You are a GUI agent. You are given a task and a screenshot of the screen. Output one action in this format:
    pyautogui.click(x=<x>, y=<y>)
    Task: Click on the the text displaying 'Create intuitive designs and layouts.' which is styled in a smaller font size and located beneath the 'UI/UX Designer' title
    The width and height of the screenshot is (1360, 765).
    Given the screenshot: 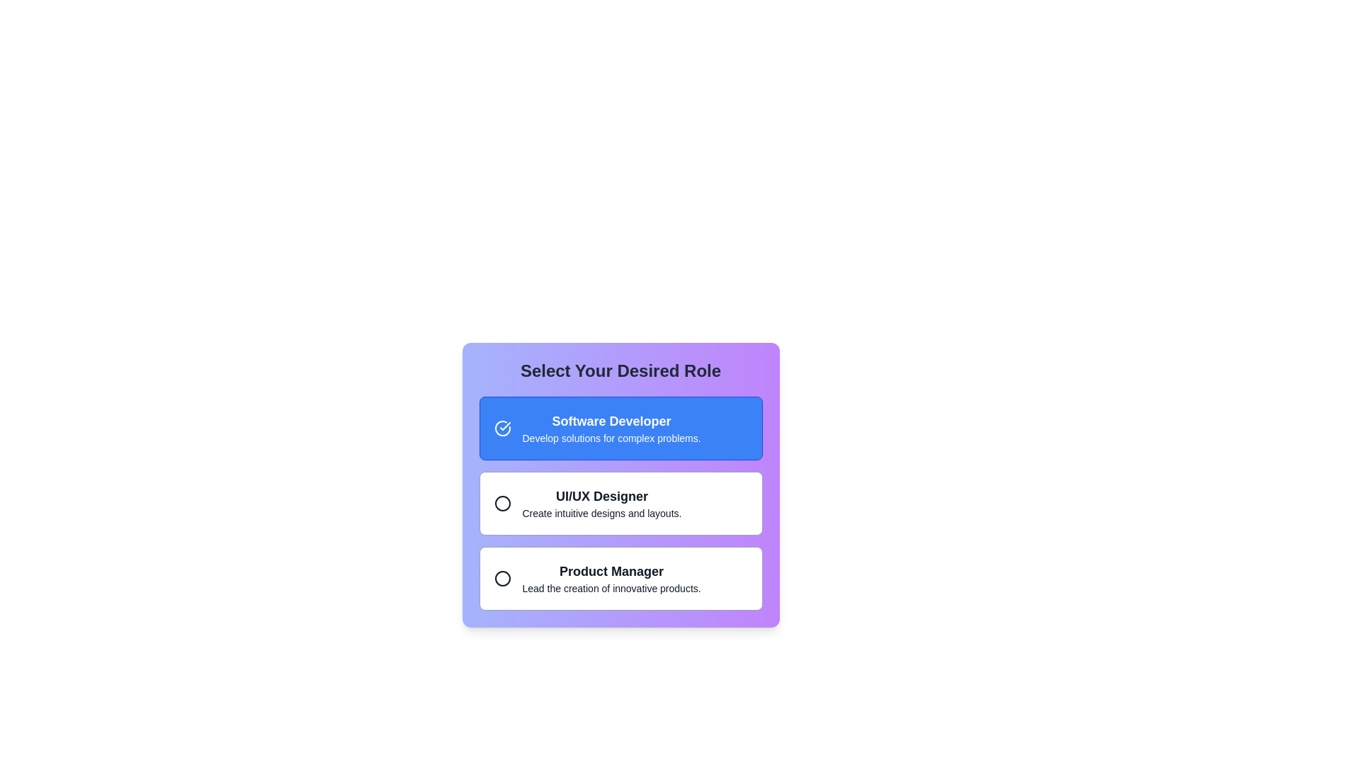 What is the action you would take?
    pyautogui.click(x=601, y=514)
    